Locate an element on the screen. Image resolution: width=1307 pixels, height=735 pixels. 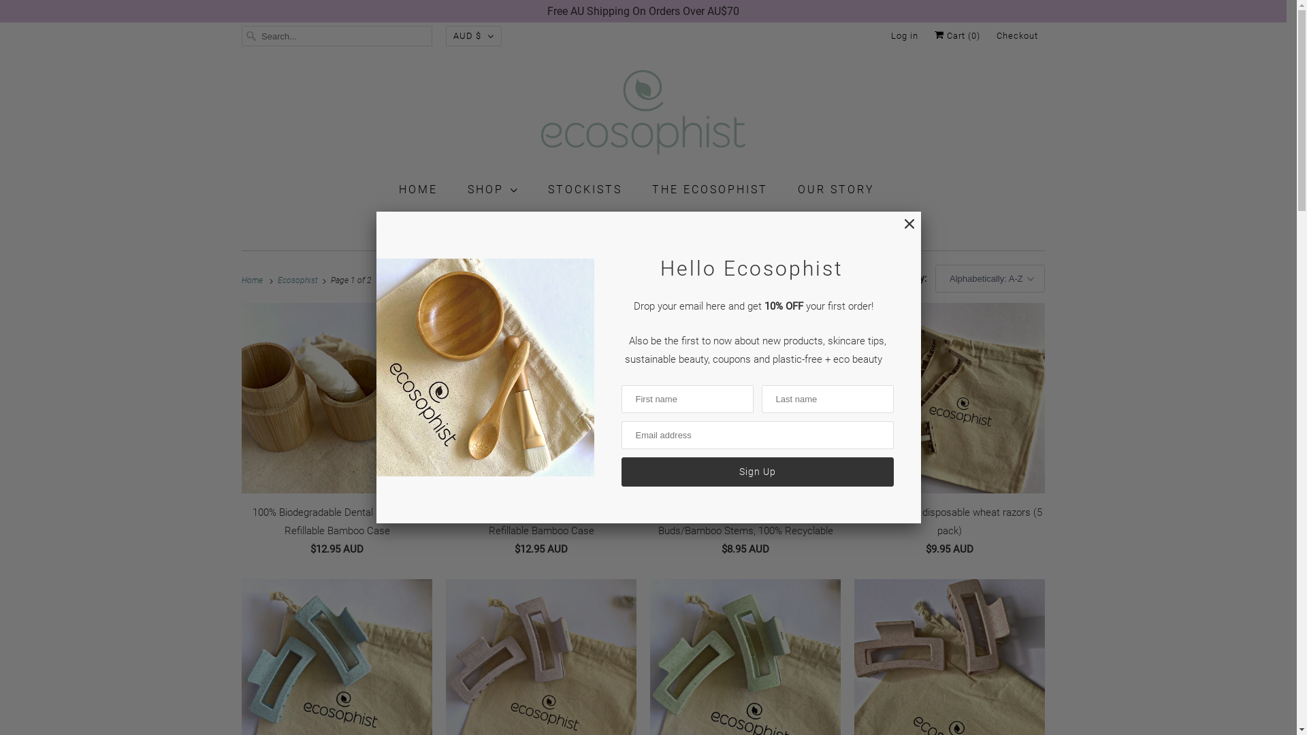
'Free AU Shipping On Orders Over AU$70' is located at coordinates (642, 11).